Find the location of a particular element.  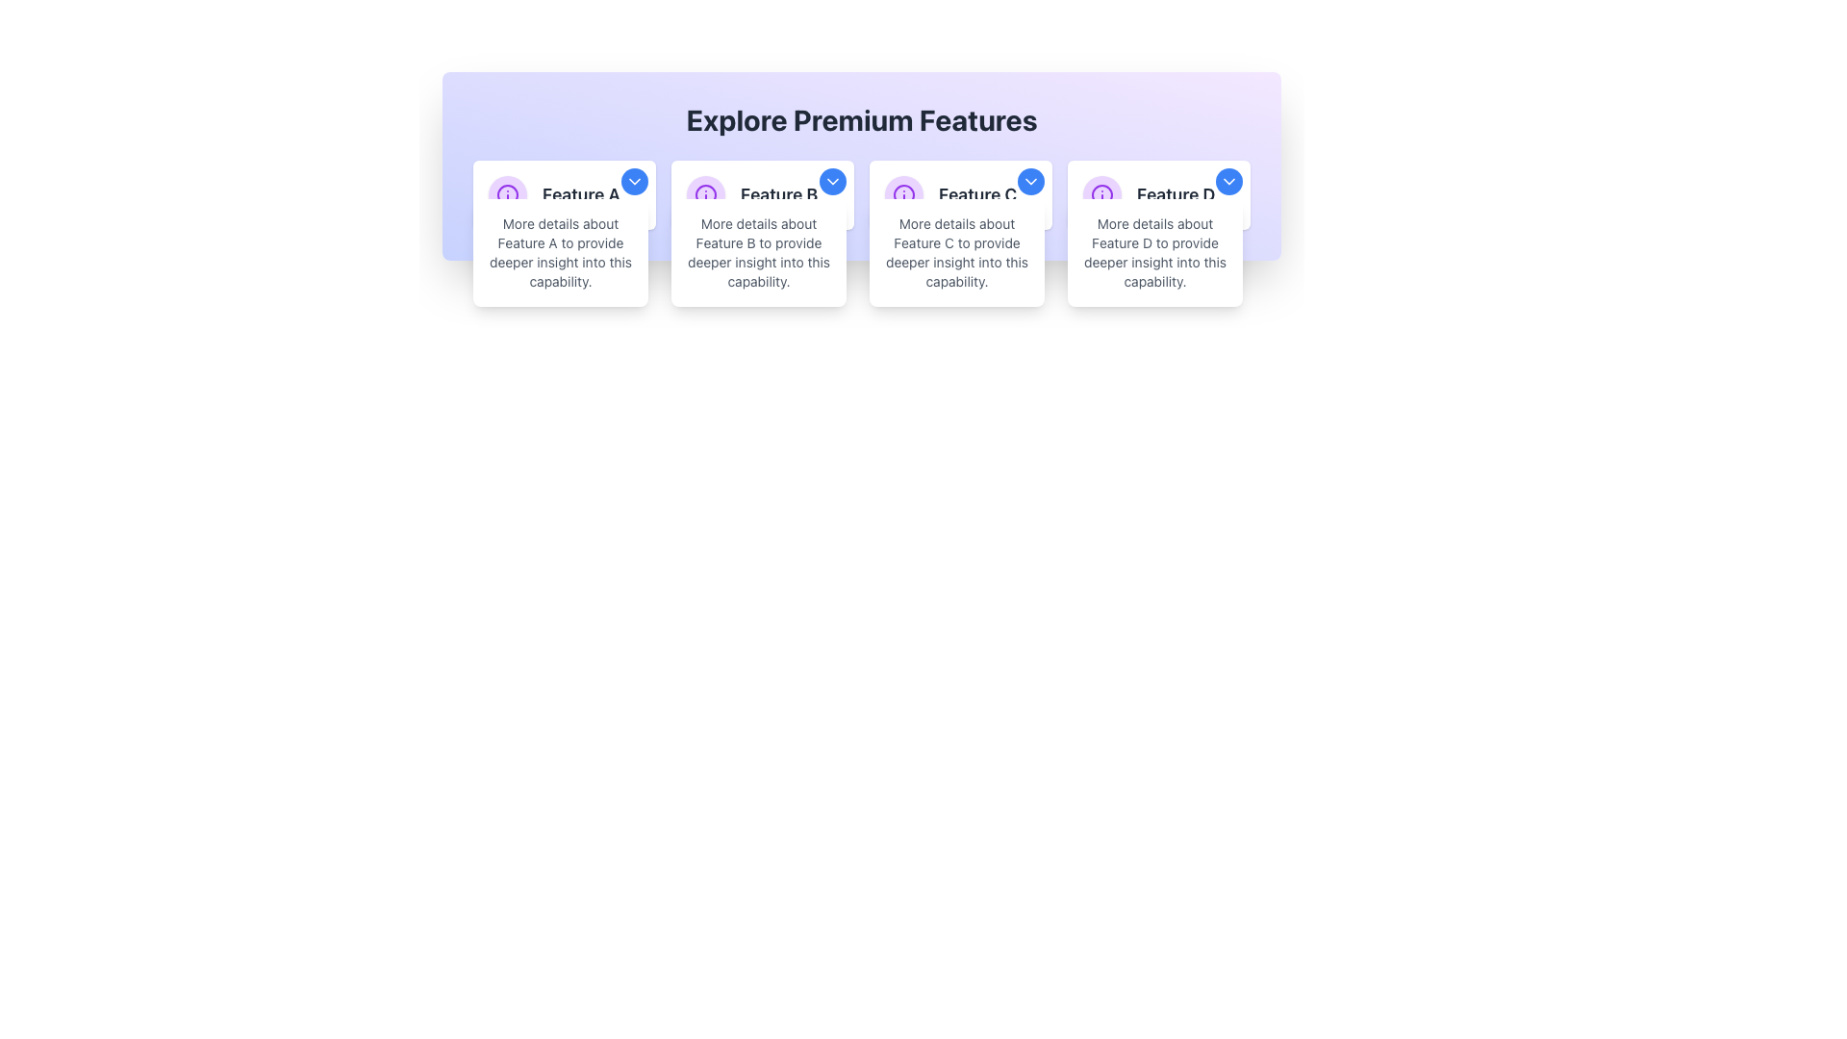

the circular icon with a purple background and an information symbol located in the 'Feature B' card, positioned near the top left corner above the text 'Feature B' is located at coordinates (705, 195).